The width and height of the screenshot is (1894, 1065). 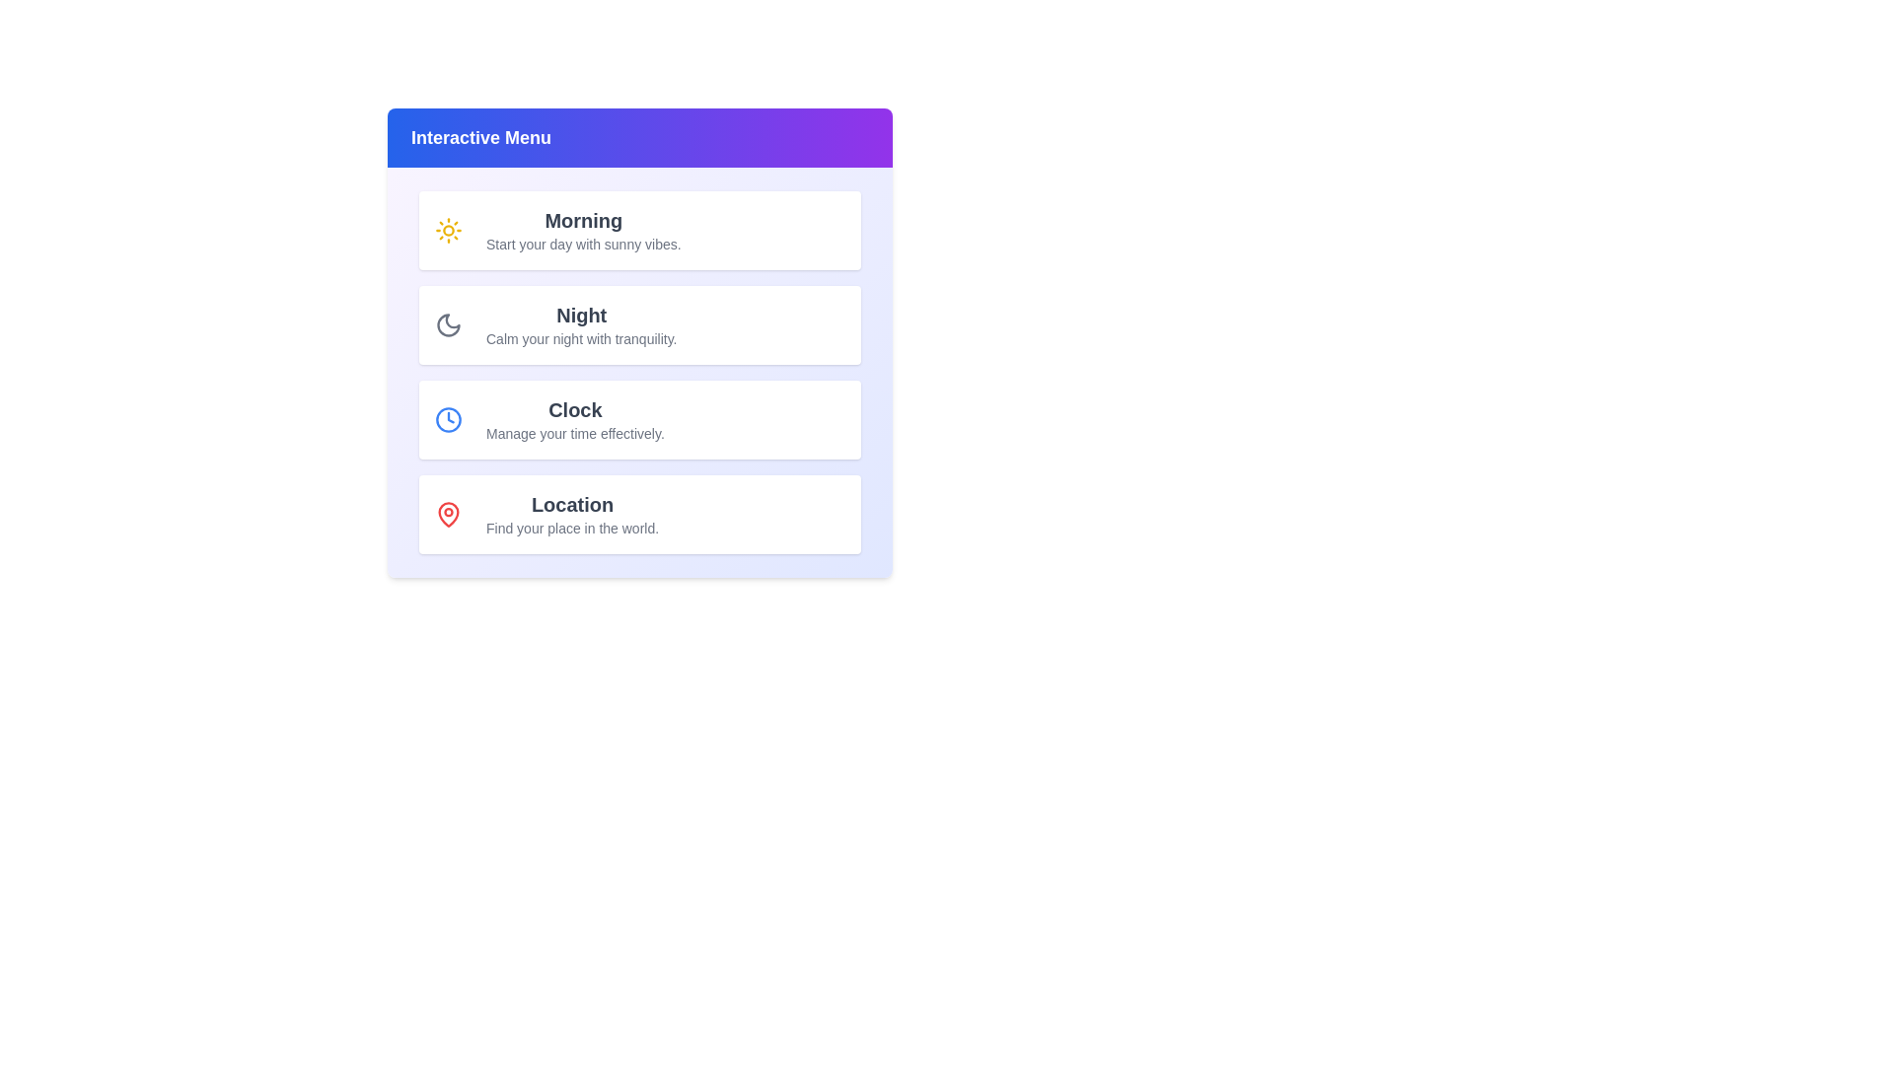 What do you see at coordinates (639, 230) in the screenshot?
I see `the Morning menu item to select it` at bounding box center [639, 230].